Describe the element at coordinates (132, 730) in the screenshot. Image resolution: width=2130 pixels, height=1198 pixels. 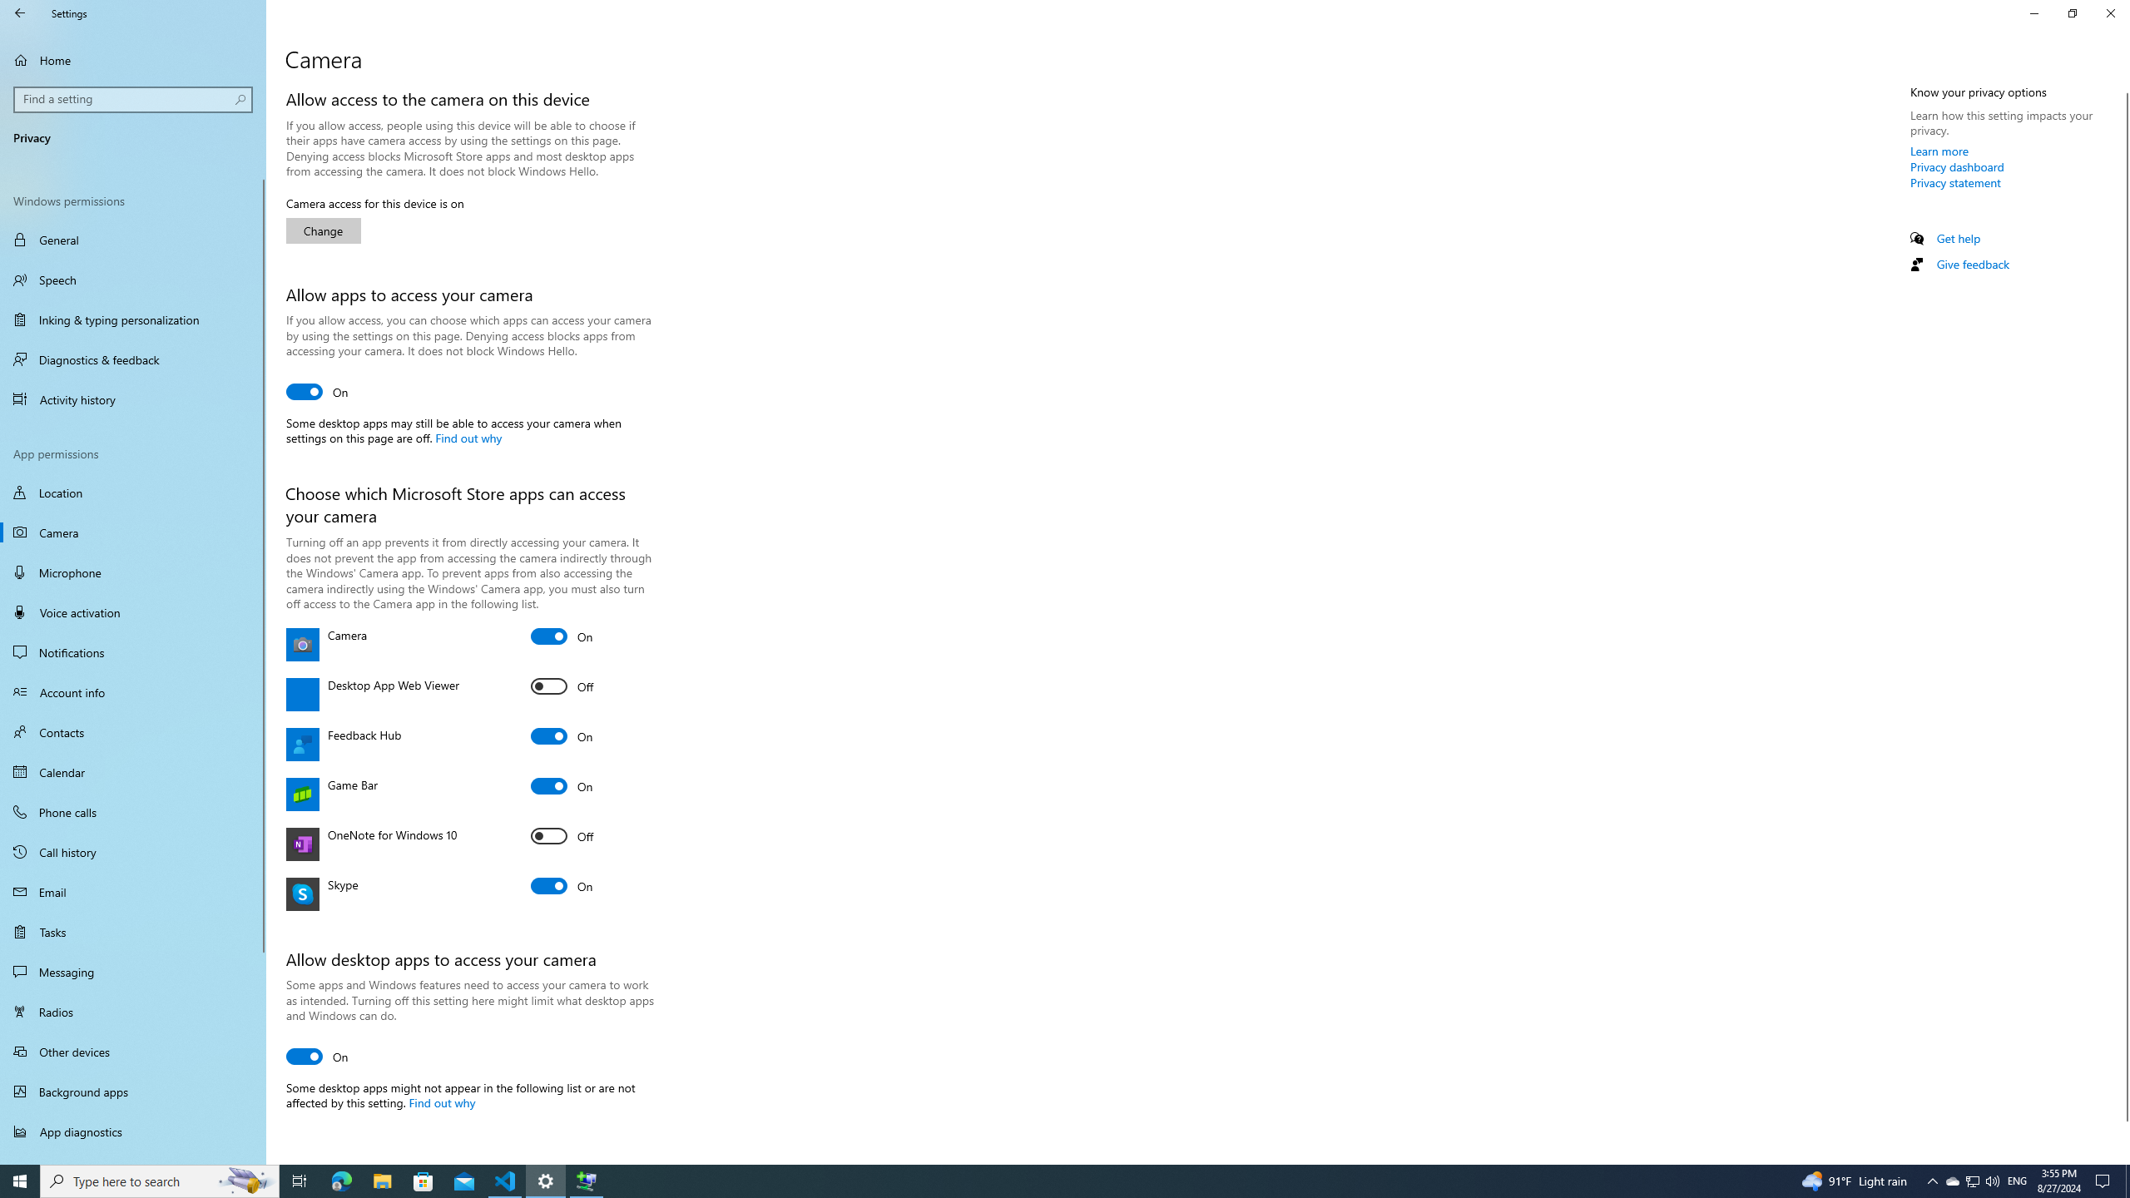
I see `'Contacts'` at that location.